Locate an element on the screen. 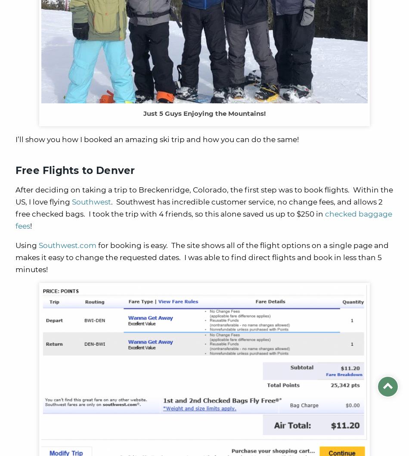 Image resolution: width=409 pixels, height=456 pixels. 'Using' is located at coordinates (27, 245).